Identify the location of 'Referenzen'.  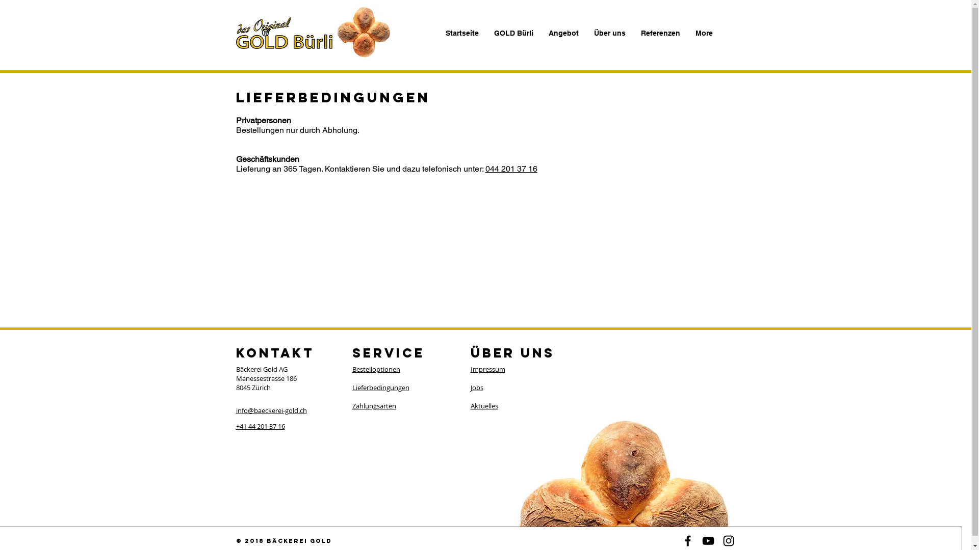
(660, 33).